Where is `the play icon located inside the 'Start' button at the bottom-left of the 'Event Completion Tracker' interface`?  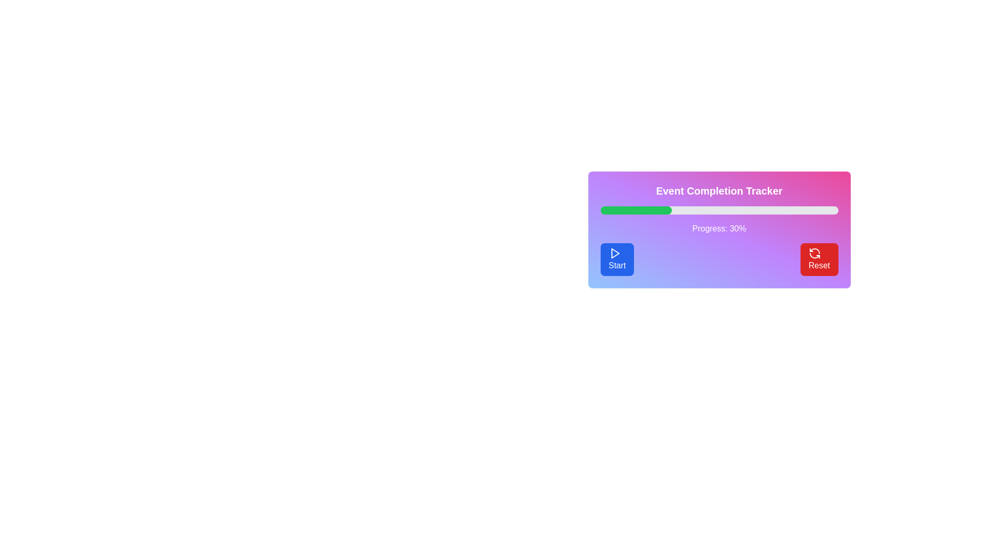
the play icon located inside the 'Start' button at the bottom-left of the 'Event Completion Tracker' interface is located at coordinates (614, 253).